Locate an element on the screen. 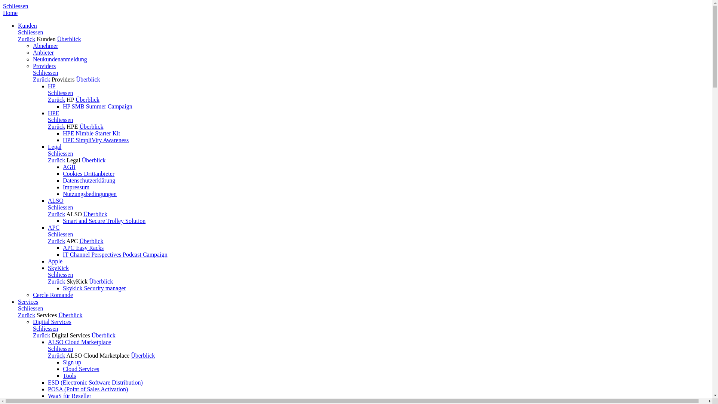  'Sign up' is located at coordinates (72, 362).